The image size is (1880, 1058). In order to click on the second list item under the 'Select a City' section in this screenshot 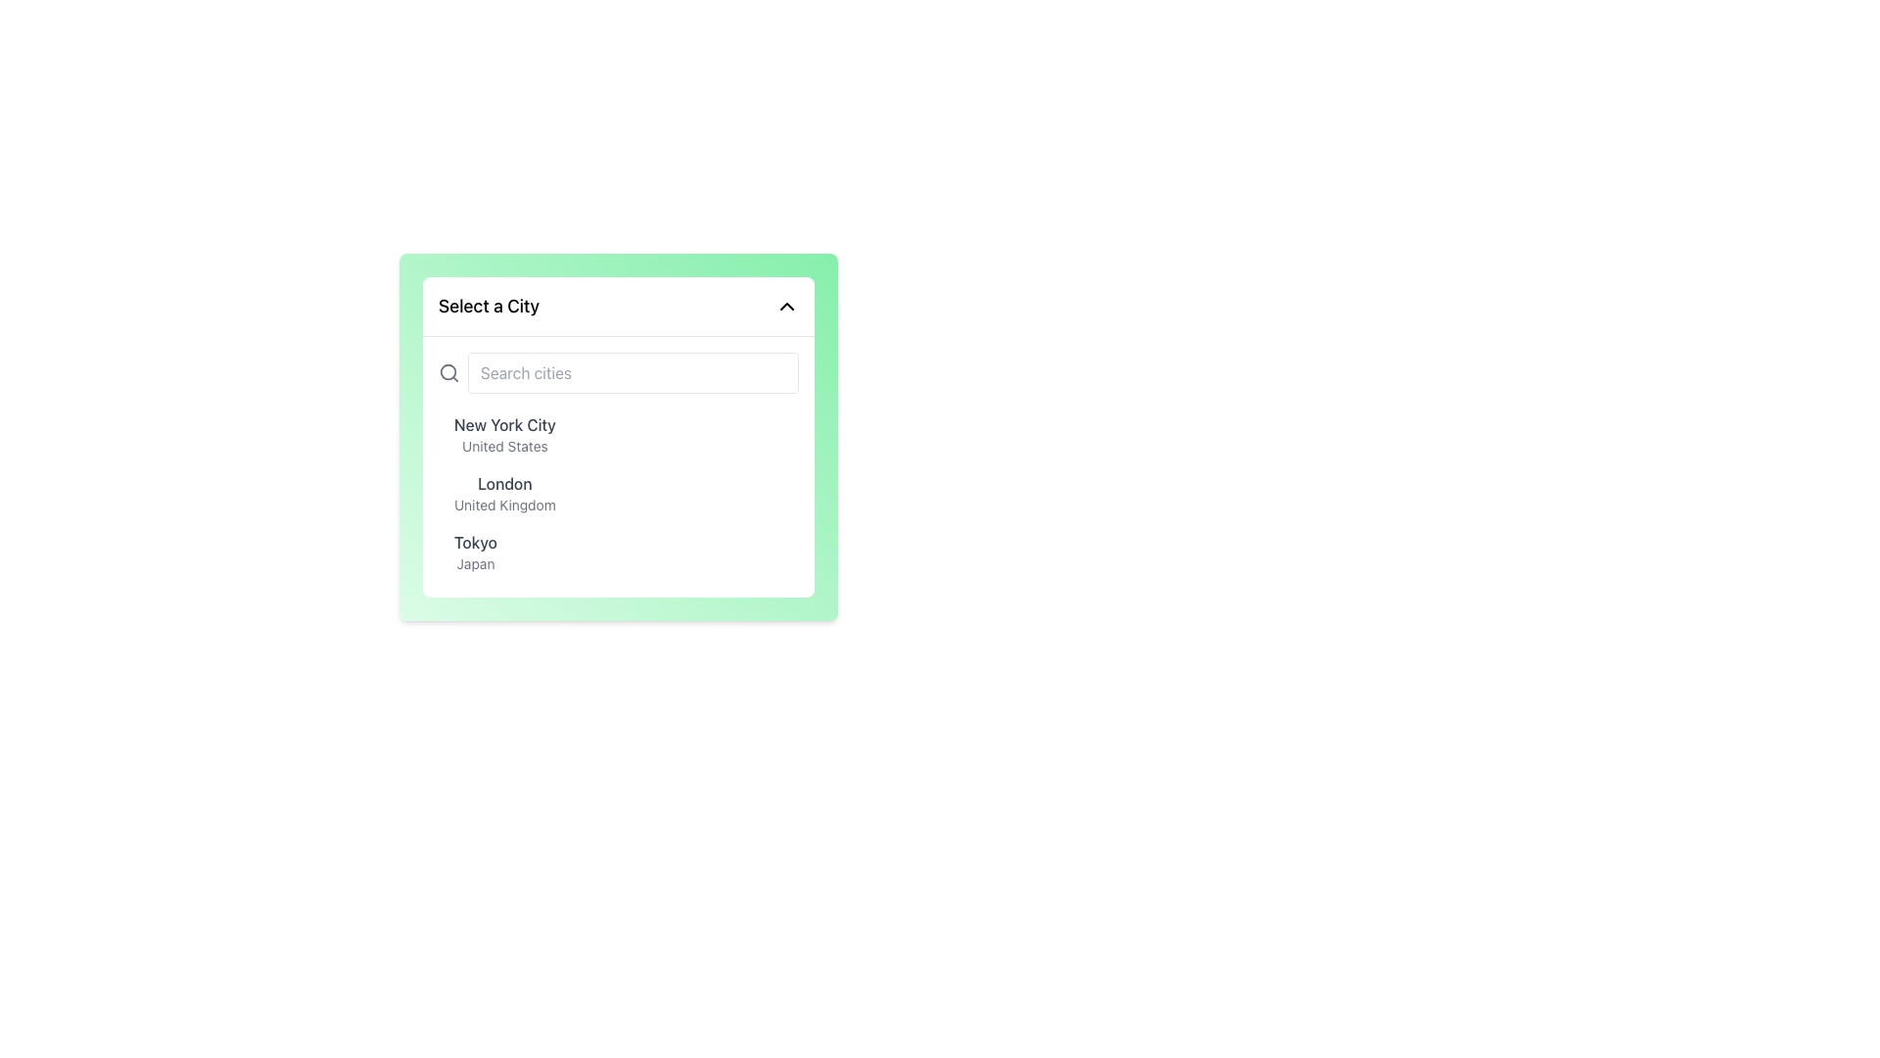, I will do `click(504, 493)`.